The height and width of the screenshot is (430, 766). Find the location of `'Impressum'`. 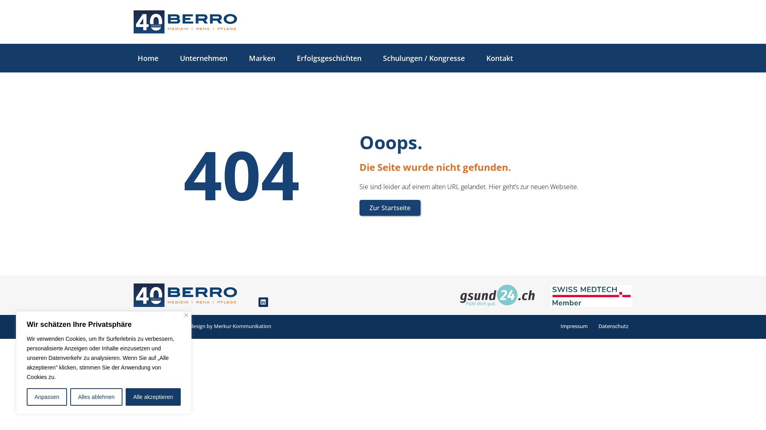

'Impressum' is located at coordinates (574, 326).